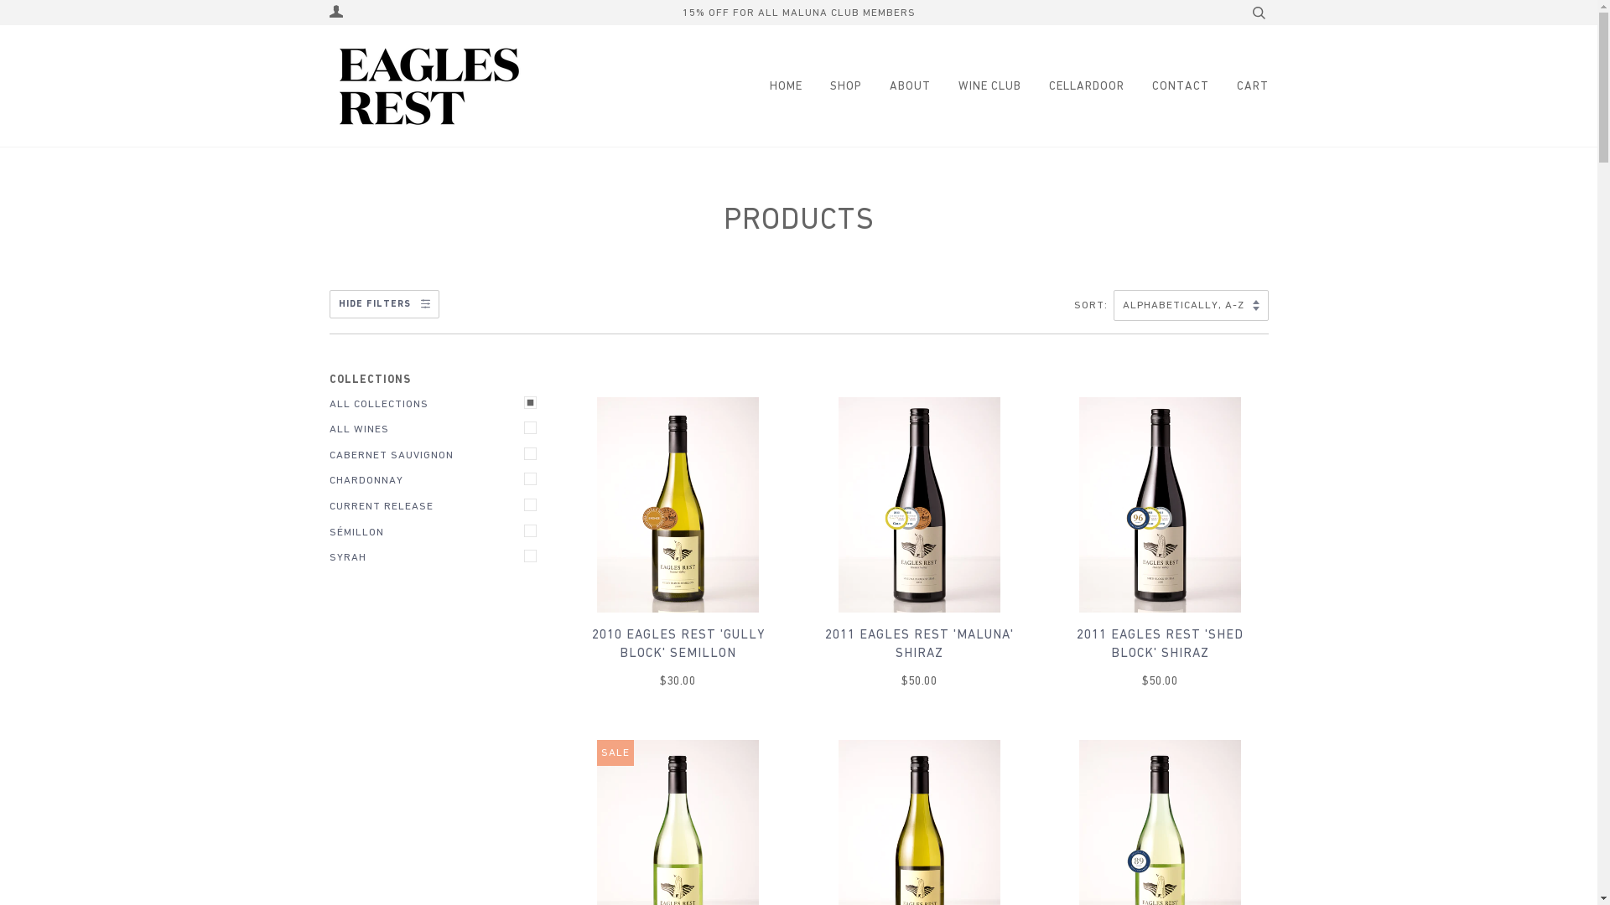 The height and width of the screenshot is (905, 1610). Describe the element at coordinates (382, 303) in the screenshot. I see `'HIDE FILTERS'` at that location.